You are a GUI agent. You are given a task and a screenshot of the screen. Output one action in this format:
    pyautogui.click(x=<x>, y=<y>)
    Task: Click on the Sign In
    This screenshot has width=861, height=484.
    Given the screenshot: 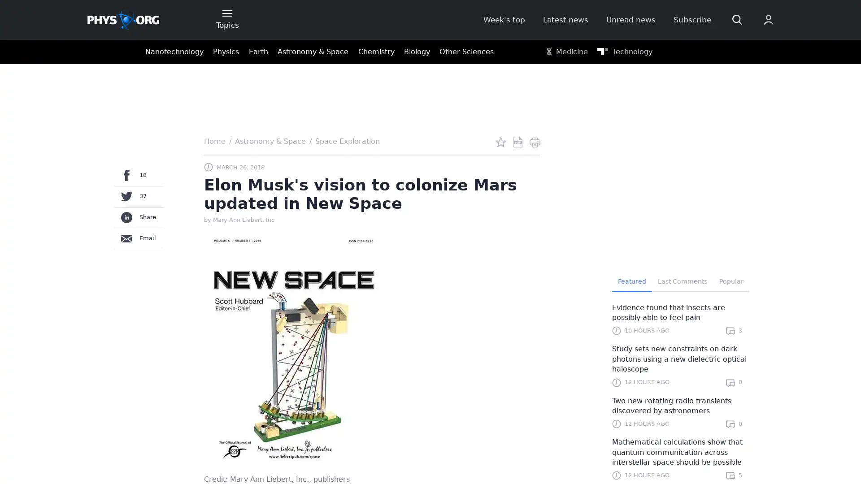 What is the action you would take?
    pyautogui.click(x=658, y=151)
    